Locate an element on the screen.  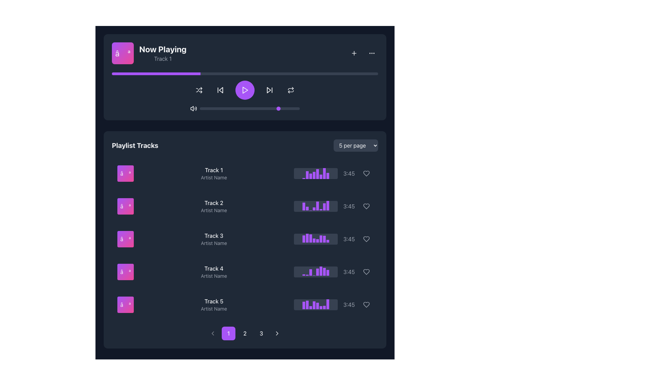
the heart-shaped icon with a gray outline located at the rightmost position of the fifth item in the playlist track list to mark the track as favorite is located at coordinates (366, 304).